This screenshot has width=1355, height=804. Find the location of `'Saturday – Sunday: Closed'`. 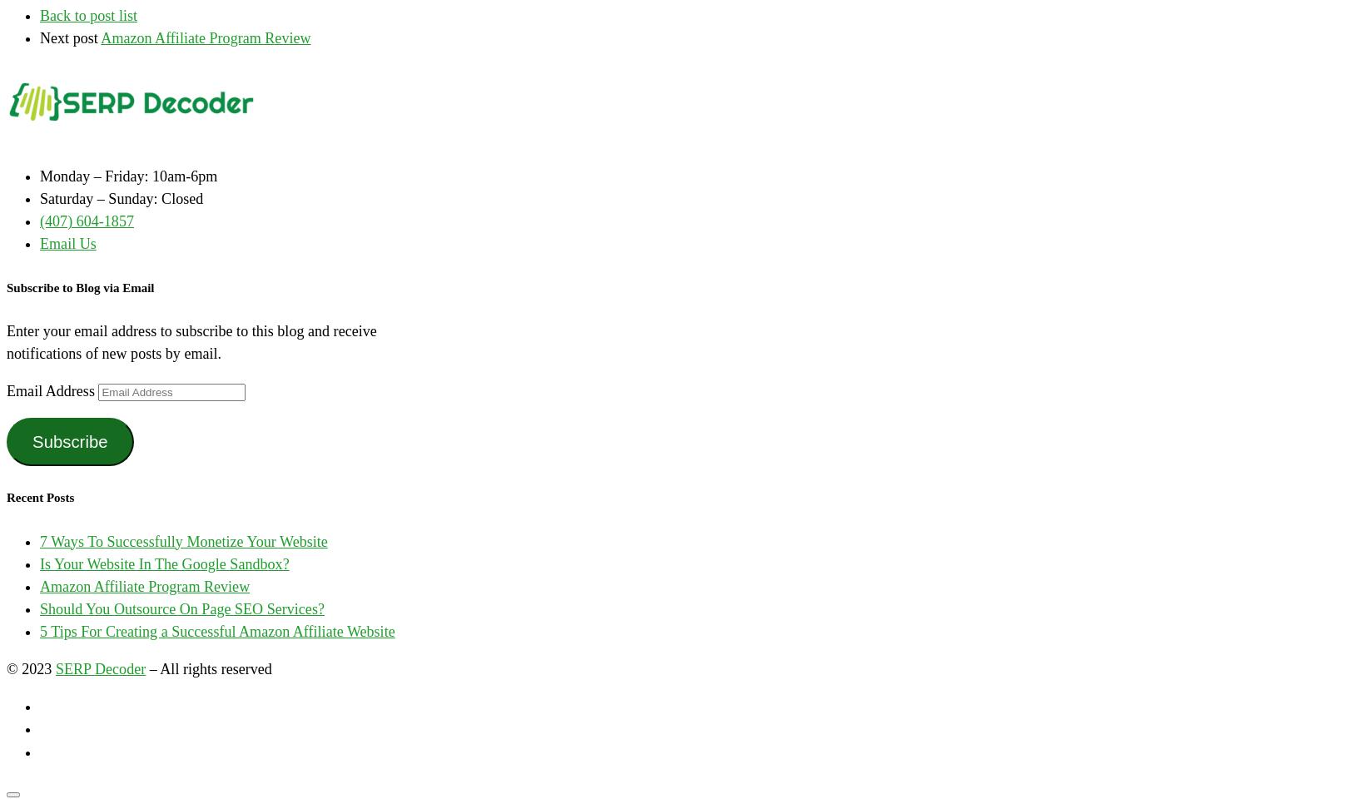

'Saturday – Sunday: Closed' is located at coordinates (39, 197).